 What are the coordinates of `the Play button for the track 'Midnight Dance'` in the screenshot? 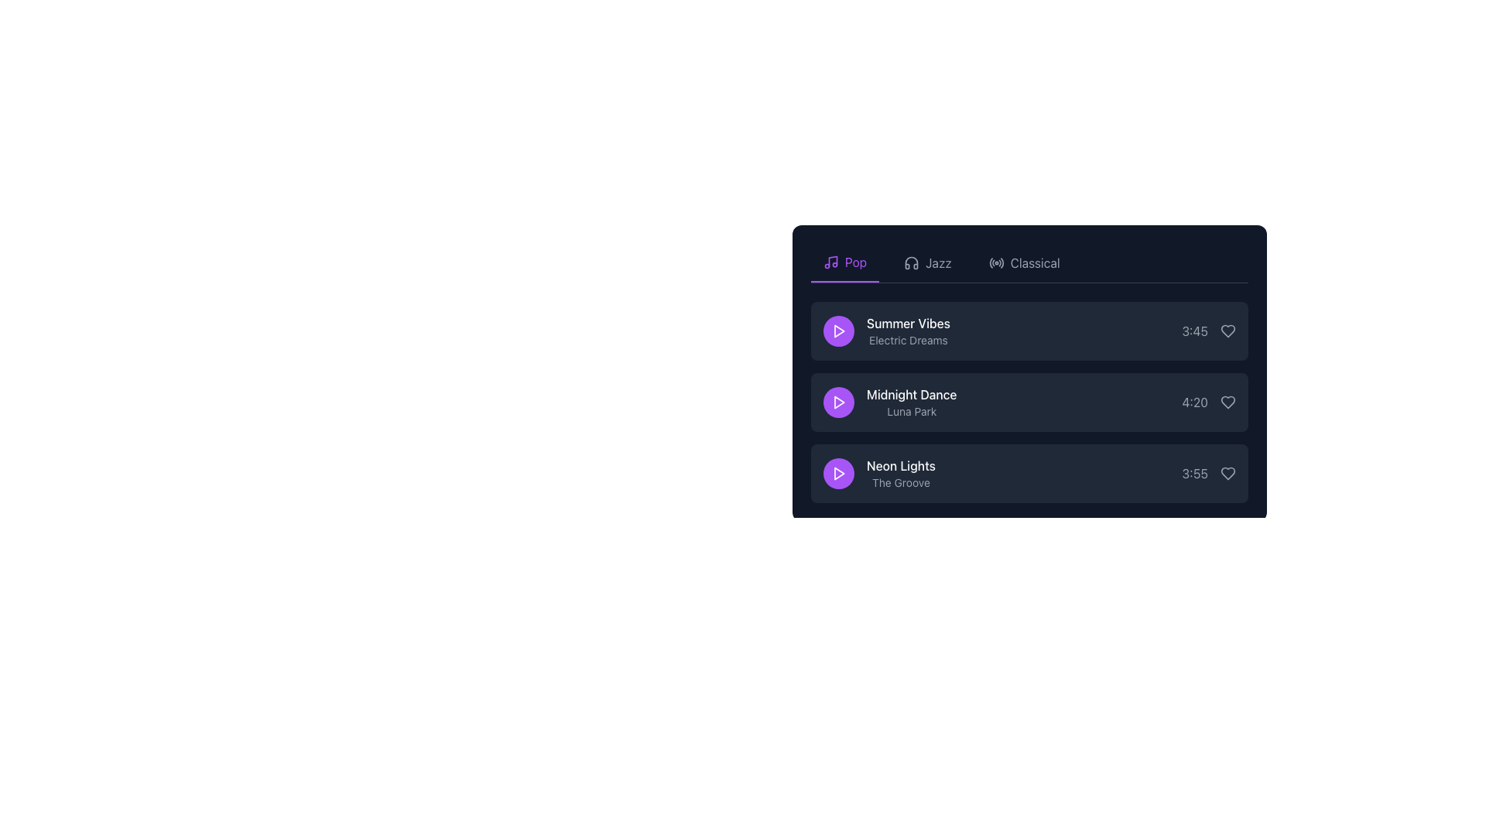 It's located at (838, 402).